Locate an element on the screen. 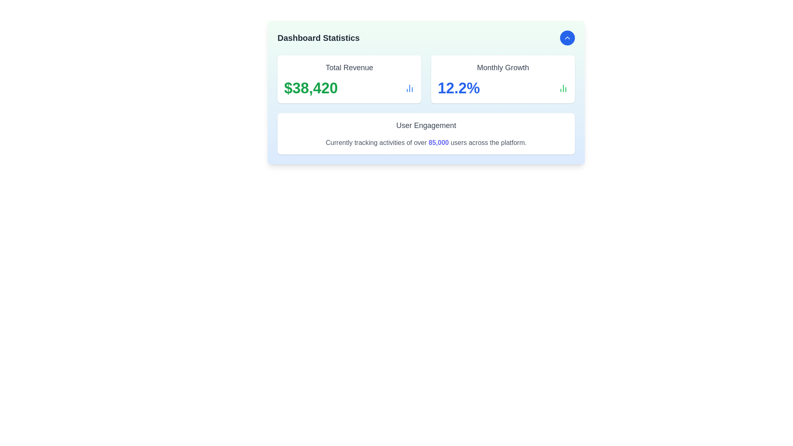 This screenshot has width=793, height=446. the Text display showing the percentage value in the top-right section of the 'Monthly Growth' card module is located at coordinates (458, 88).